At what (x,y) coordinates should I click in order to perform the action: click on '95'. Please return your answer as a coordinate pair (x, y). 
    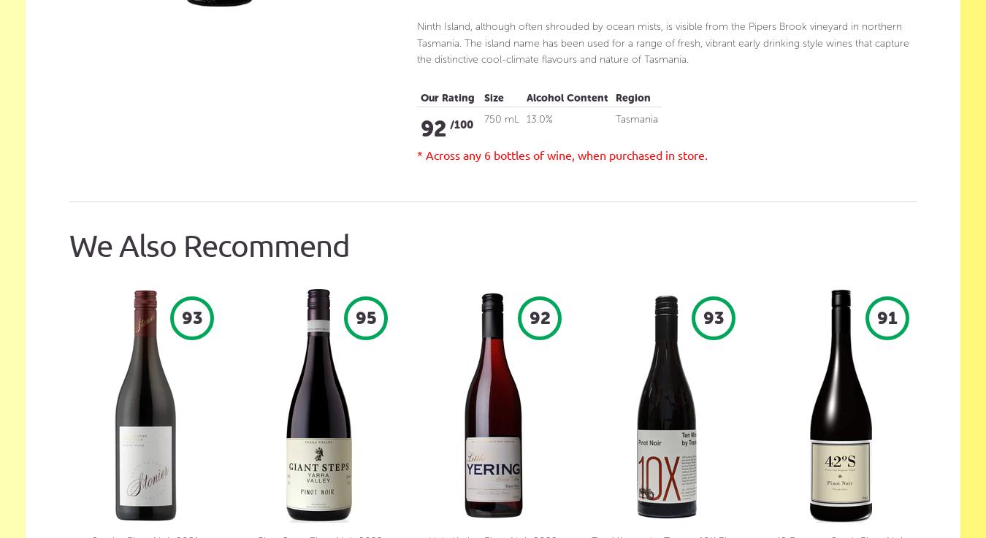
    Looking at the image, I should click on (364, 316).